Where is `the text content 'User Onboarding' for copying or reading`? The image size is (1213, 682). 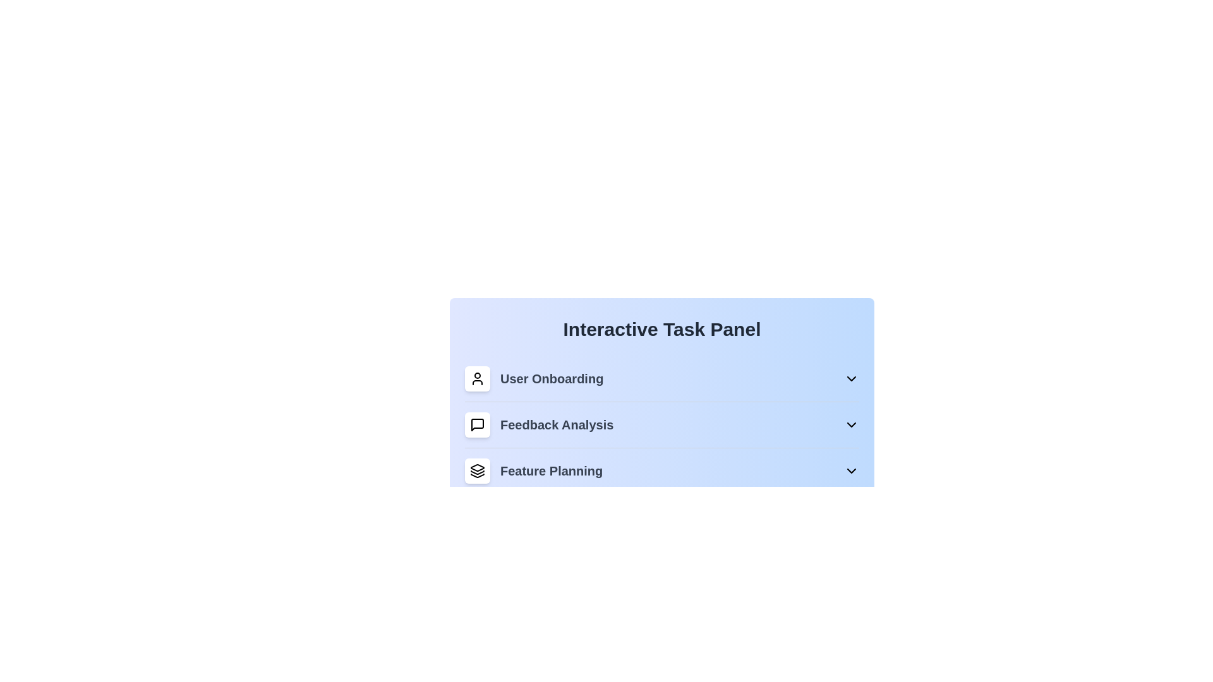 the text content 'User Onboarding' for copying or reading is located at coordinates (533, 378).